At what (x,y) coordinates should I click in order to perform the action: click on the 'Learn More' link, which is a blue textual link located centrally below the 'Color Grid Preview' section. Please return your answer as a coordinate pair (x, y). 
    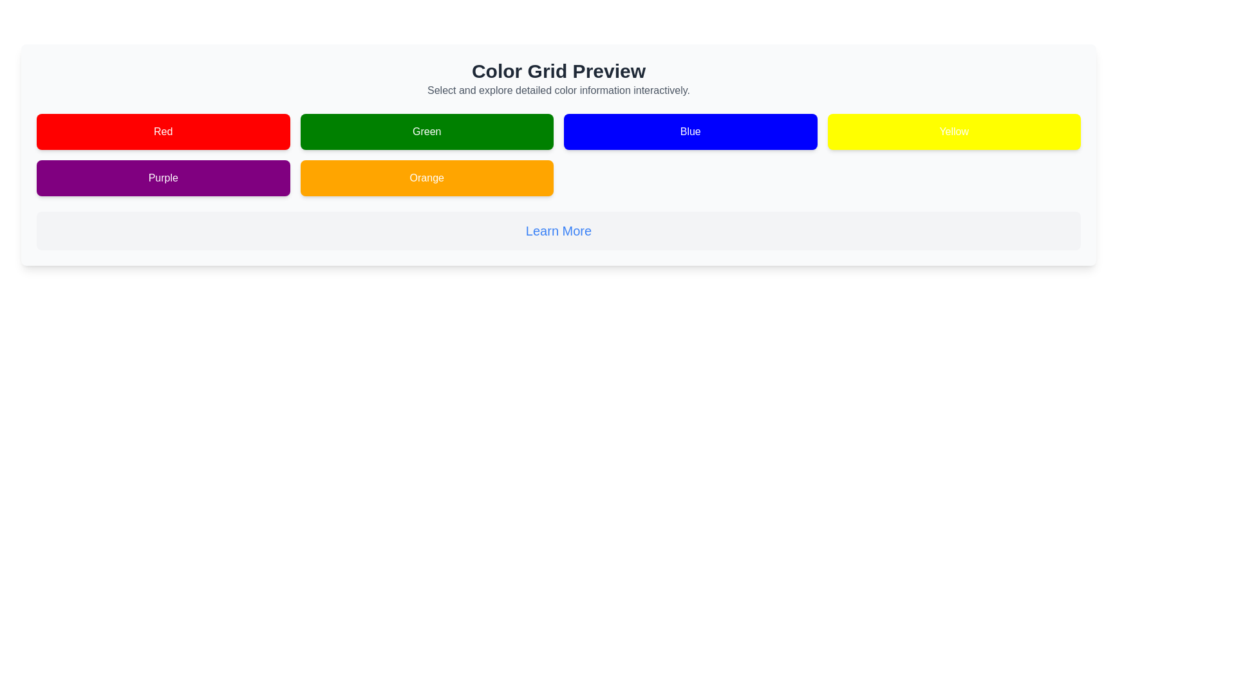
    Looking at the image, I should click on (559, 230).